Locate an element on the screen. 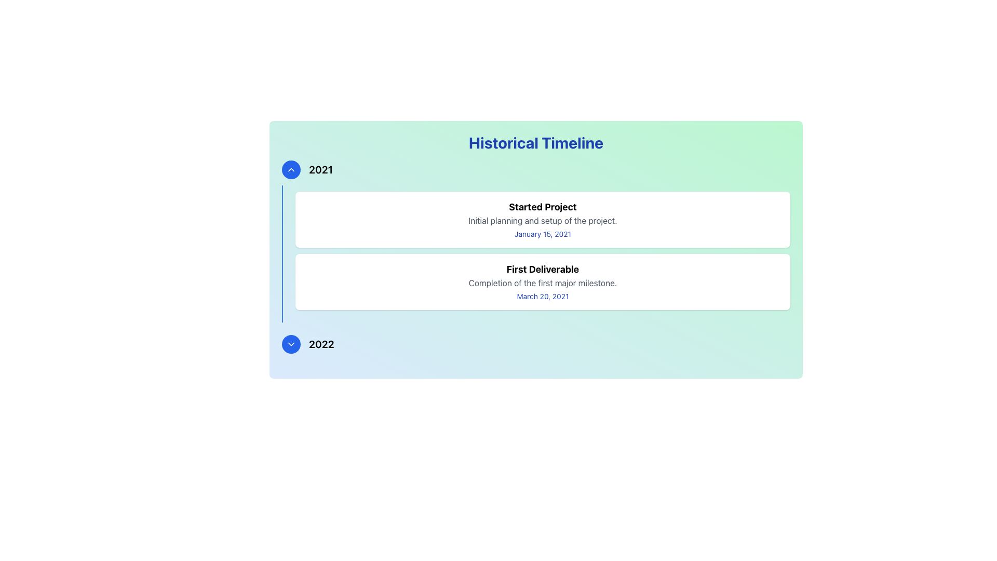 Image resolution: width=997 pixels, height=561 pixels. the descriptive text element providing information about the 'Started Project' entry in the historical timeline, which is located in a white rectangular card near the top section of the interface is located at coordinates (542, 220).